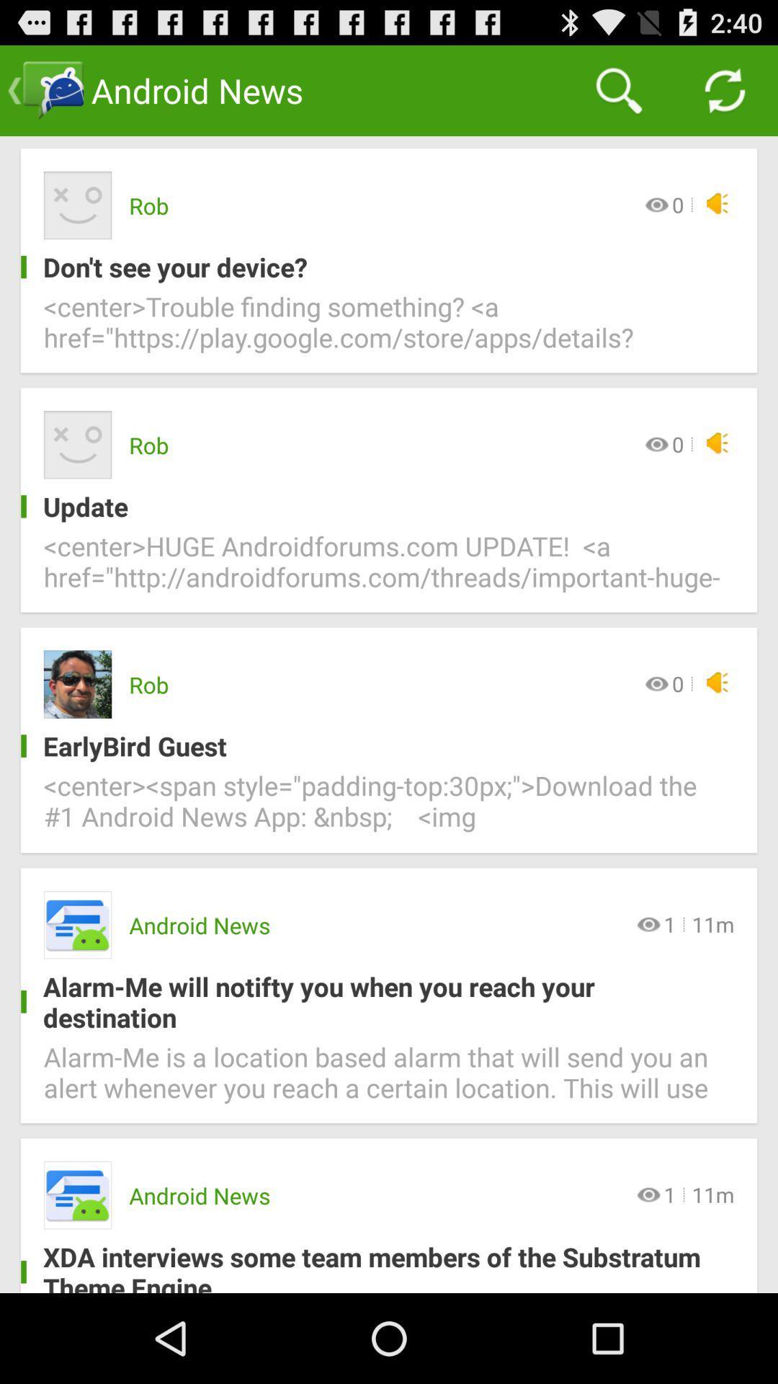 This screenshot has width=778, height=1384. I want to click on icon above center span style, so click(377, 746).